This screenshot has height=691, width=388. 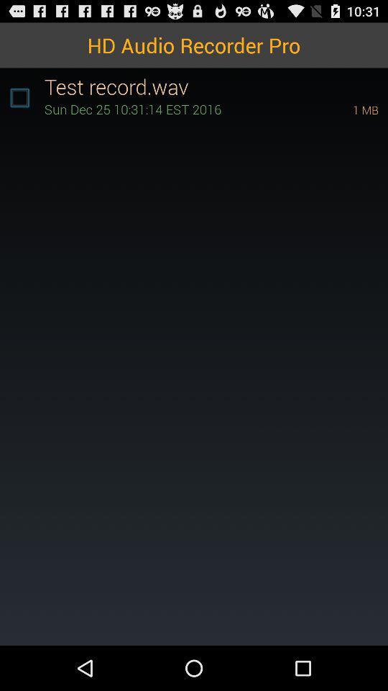 I want to click on the item above the sun dec 25, so click(x=215, y=86).